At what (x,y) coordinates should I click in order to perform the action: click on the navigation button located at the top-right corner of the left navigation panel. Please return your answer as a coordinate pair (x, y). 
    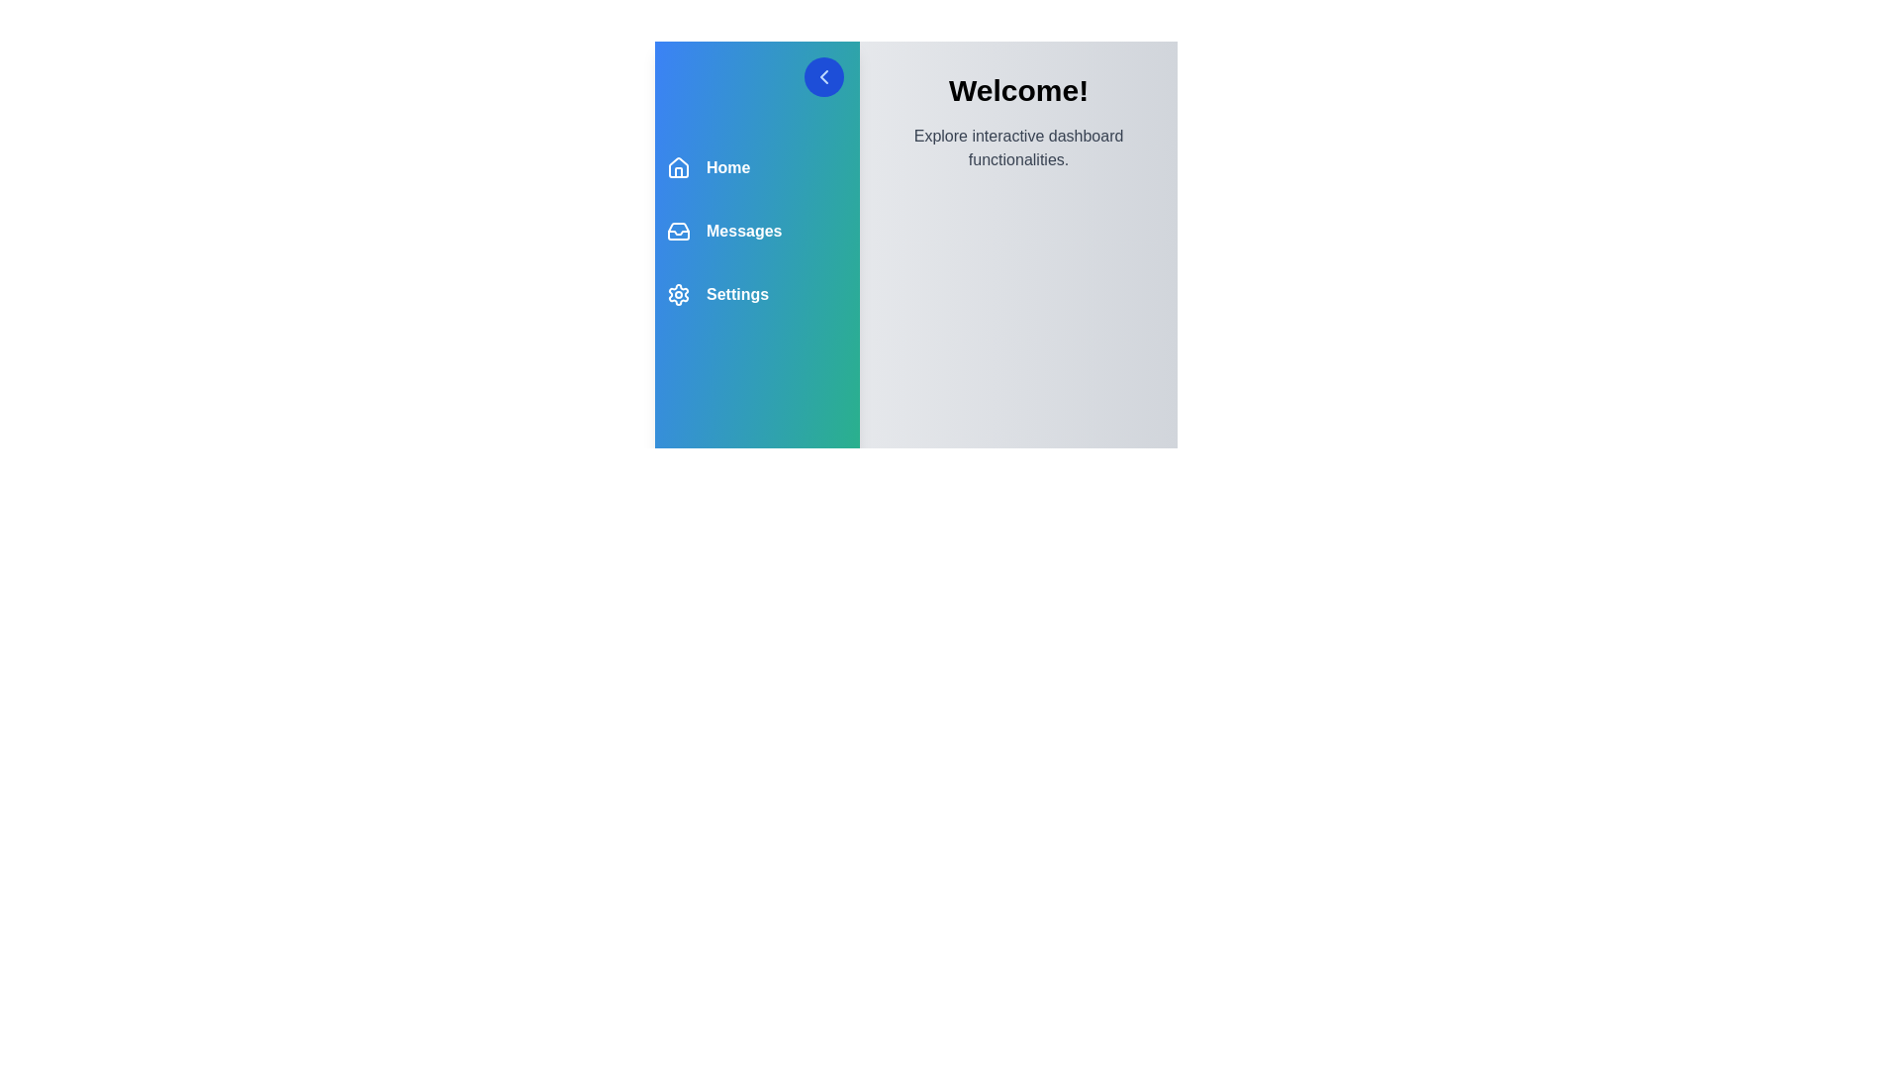
    Looking at the image, I should click on (756, 75).